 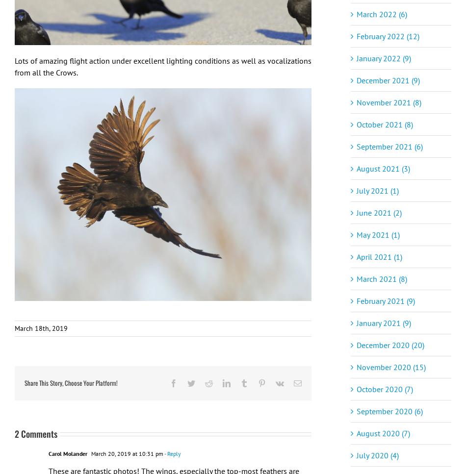 What do you see at coordinates (389, 146) in the screenshot?
I see `'September 2021 (6)'` at bounding box center [389, 146].